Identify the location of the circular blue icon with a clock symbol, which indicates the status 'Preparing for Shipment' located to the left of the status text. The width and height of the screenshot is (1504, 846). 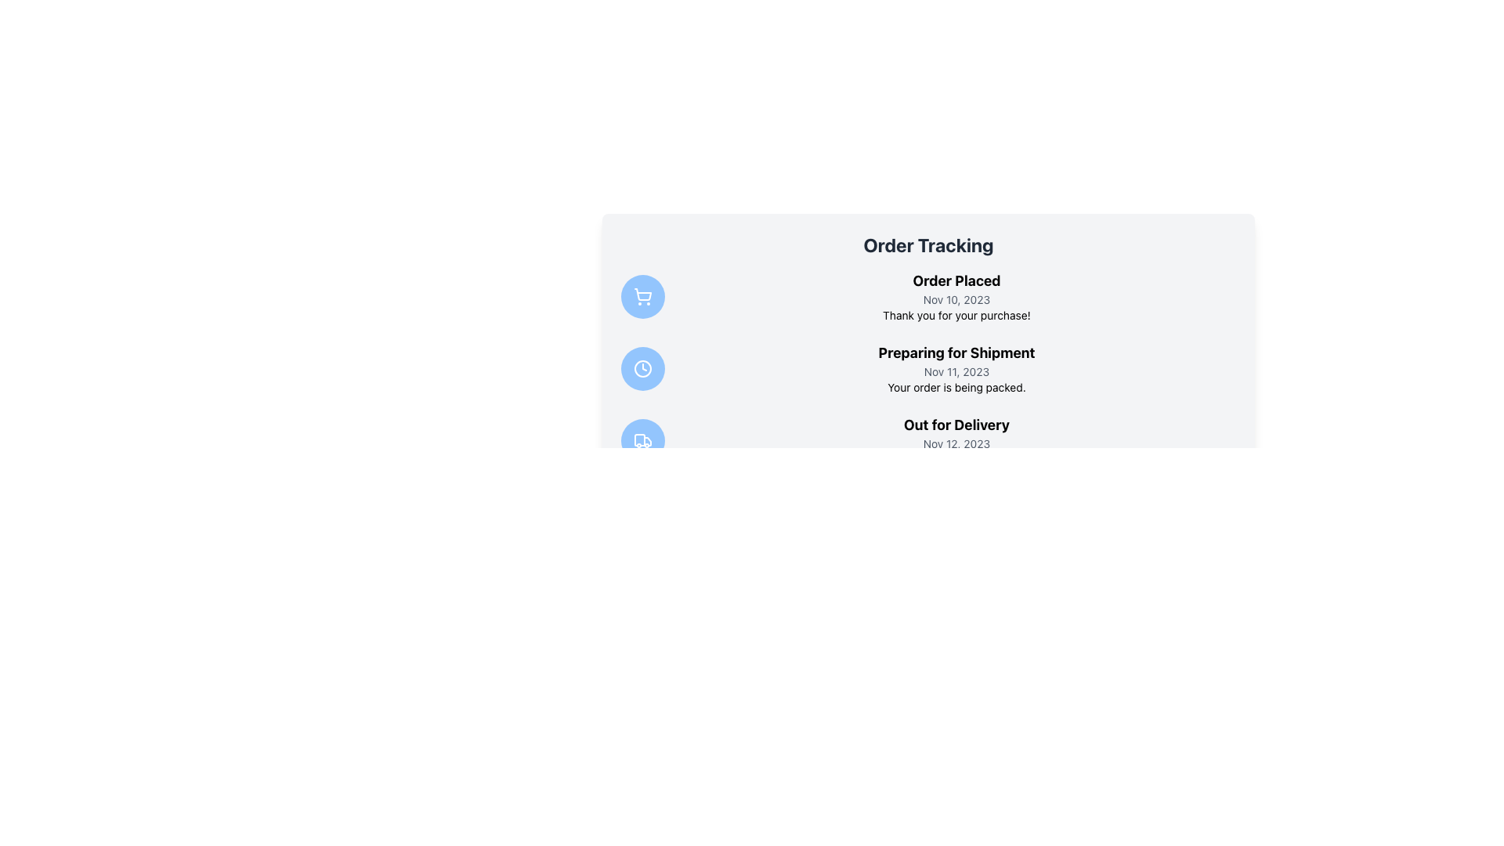
(642, 368).